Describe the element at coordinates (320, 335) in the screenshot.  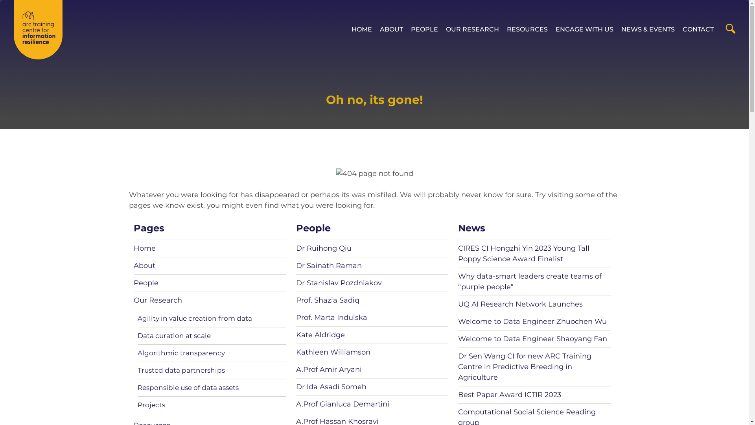
I see `'Kate Aldridge'` at that location.